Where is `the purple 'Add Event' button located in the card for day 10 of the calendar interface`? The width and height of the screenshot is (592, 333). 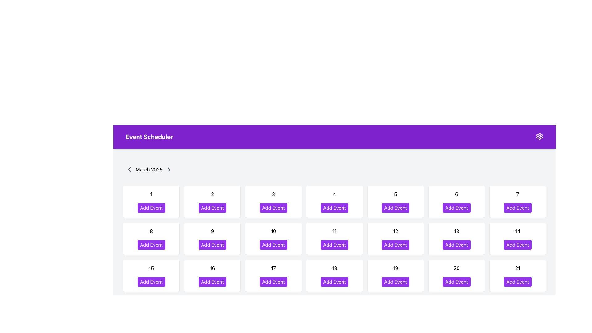
the purple 'Add Event' button located in the card for day 10 of the calendar interface is located at coordinates (273, 245).